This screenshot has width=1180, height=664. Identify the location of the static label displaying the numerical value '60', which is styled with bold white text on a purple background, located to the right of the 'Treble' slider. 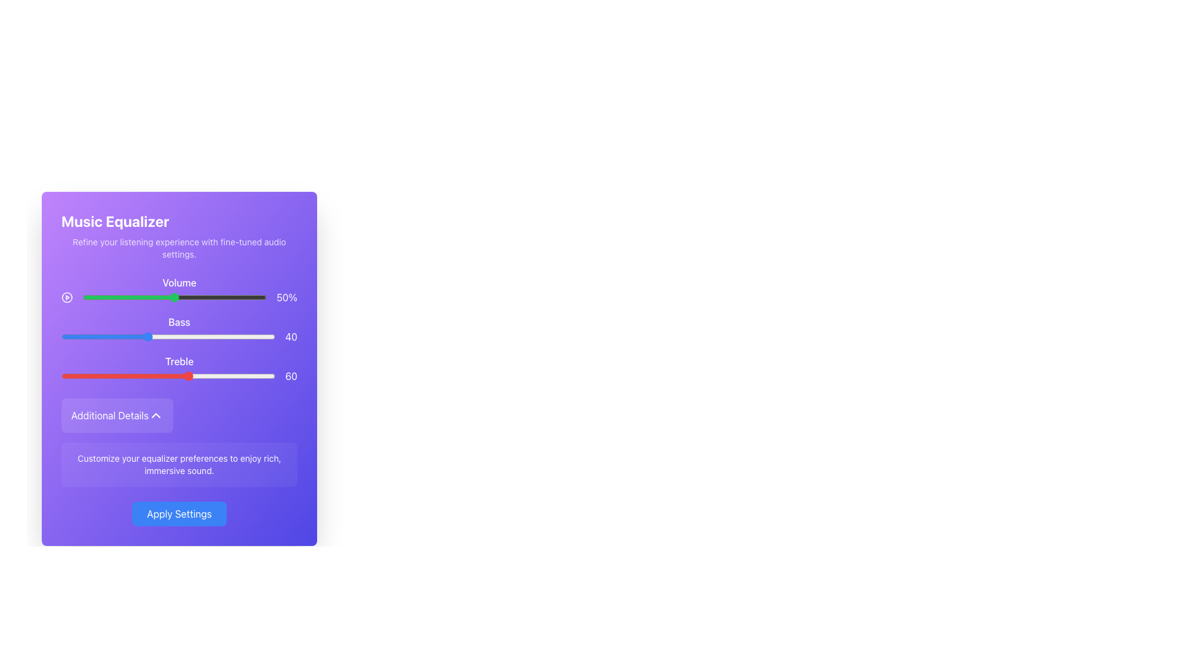
(291, 376).